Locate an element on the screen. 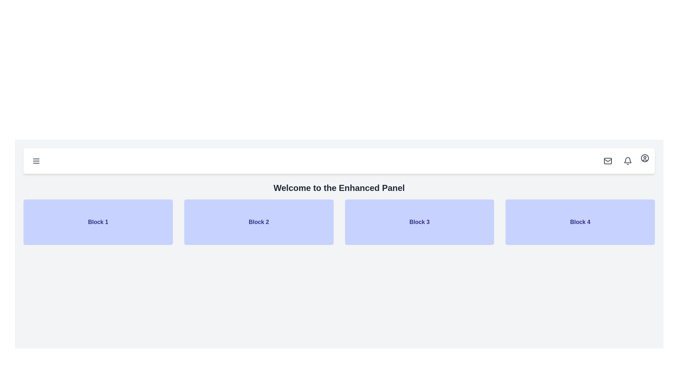 This screenshot has width=683, height=384. the innermost SVG circle icon located at the top-right corner of the navigation bar, which represents user profile or account functionality is located at coordinates (645, 158).